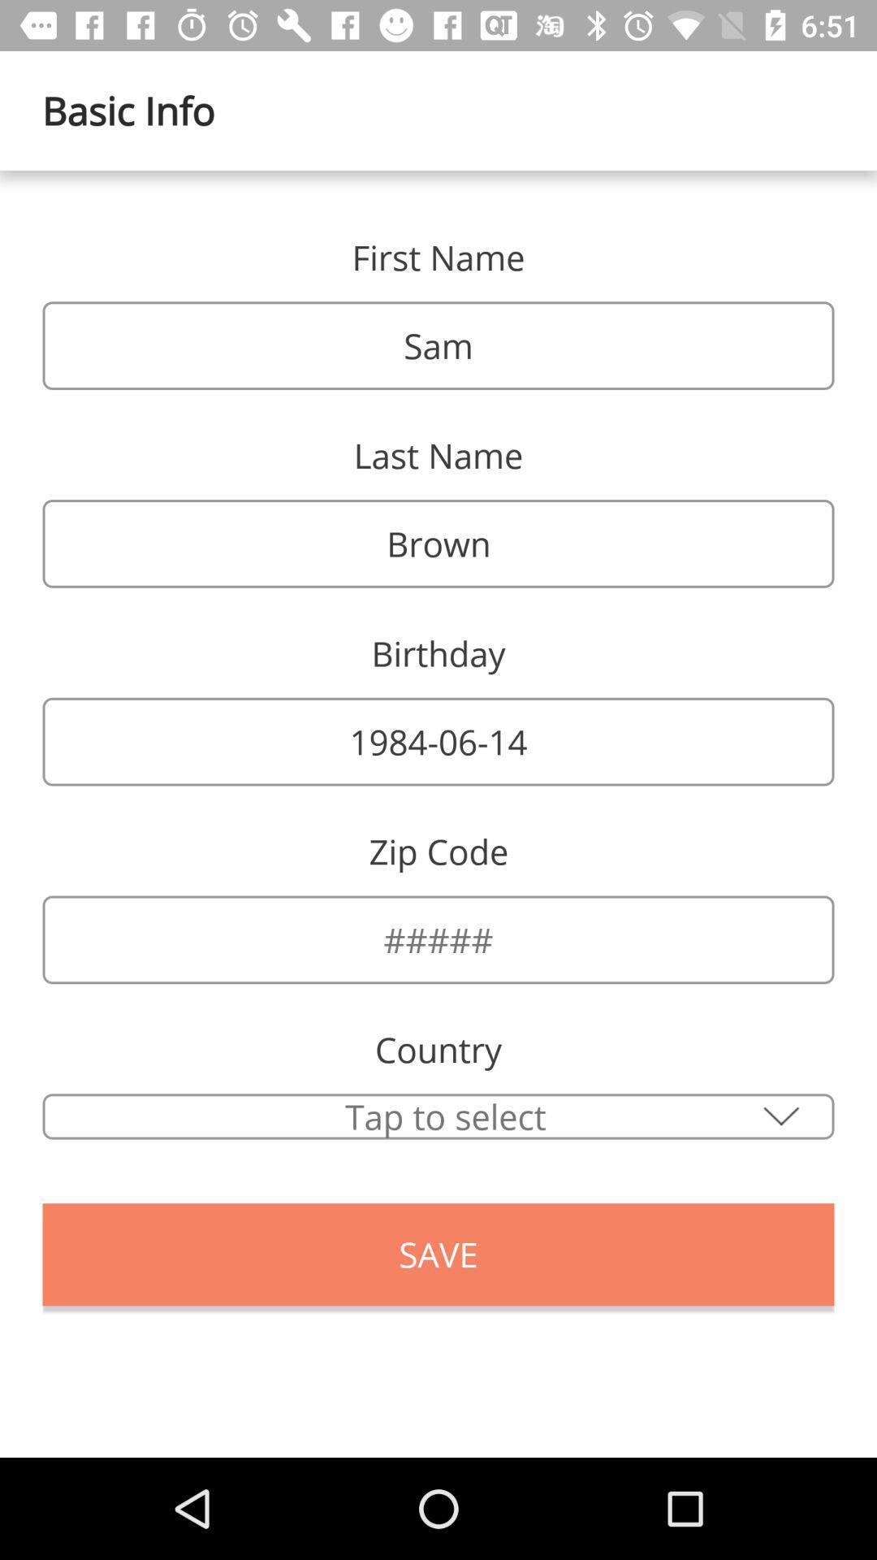  Describe the element at coordinates (438, 1116) in the screenshot. I see `tap to select` at that location.